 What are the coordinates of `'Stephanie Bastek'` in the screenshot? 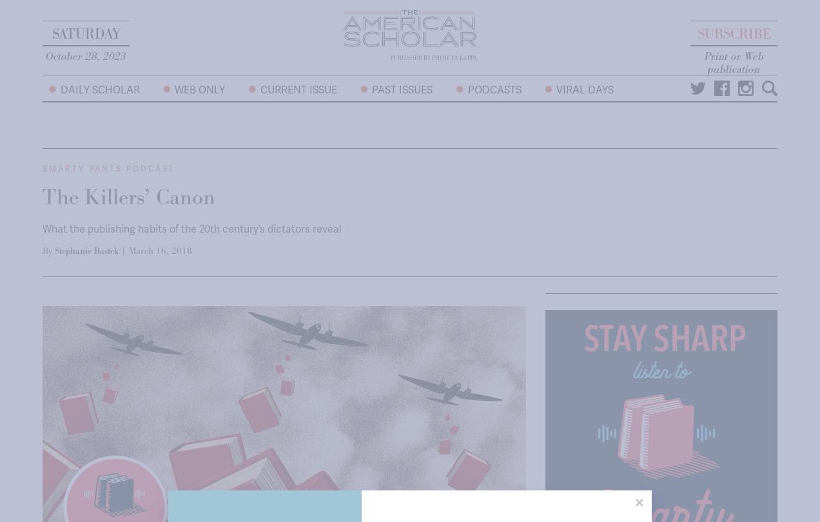 It's located at (86, 250).